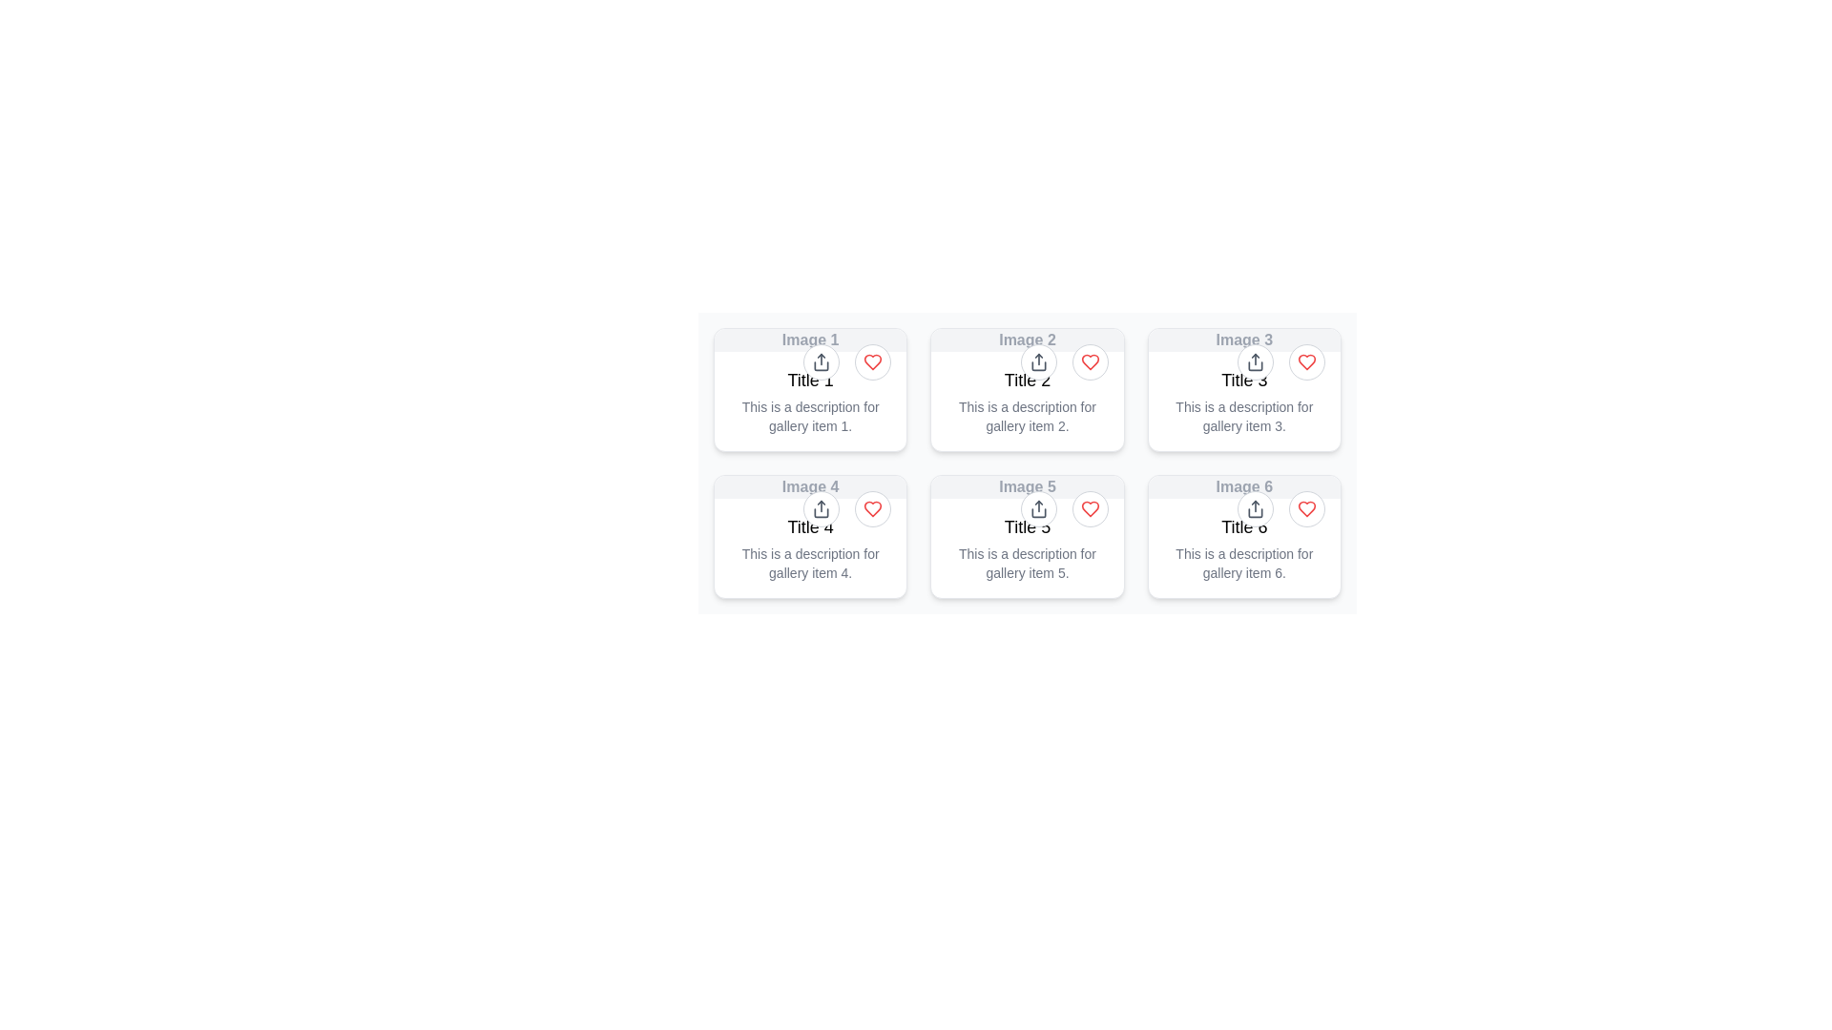 Image resolution: width=1832 pixels, height=1030 pixels. I want to click on the first gallery card in the second row of the grid layout, located below 'Image 1', so click(810, 537).